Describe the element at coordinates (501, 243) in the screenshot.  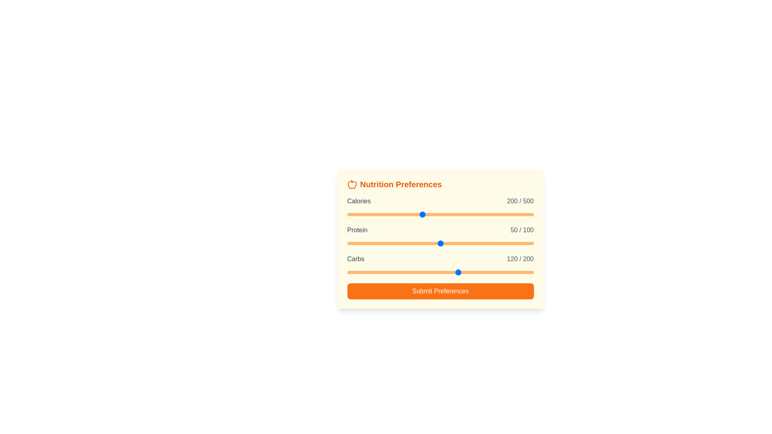
I see `the protein intake value` at that location.